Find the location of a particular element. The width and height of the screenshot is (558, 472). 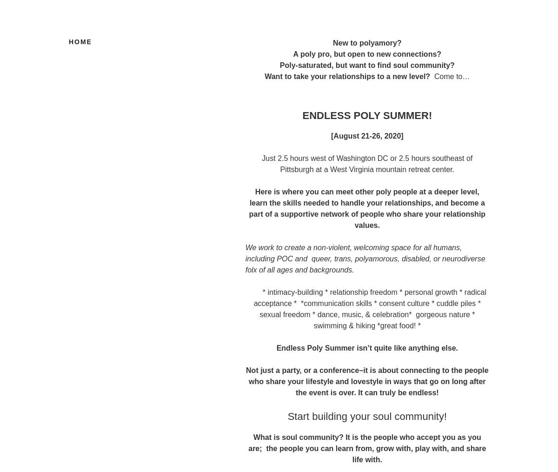

'New to polyamory?' is located at coordinates (366, 43).